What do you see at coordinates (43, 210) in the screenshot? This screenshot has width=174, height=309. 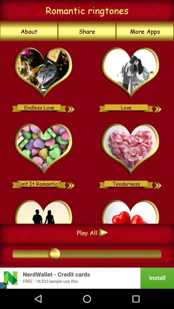 I see `this ringtone` at bounding box center [43, 210].